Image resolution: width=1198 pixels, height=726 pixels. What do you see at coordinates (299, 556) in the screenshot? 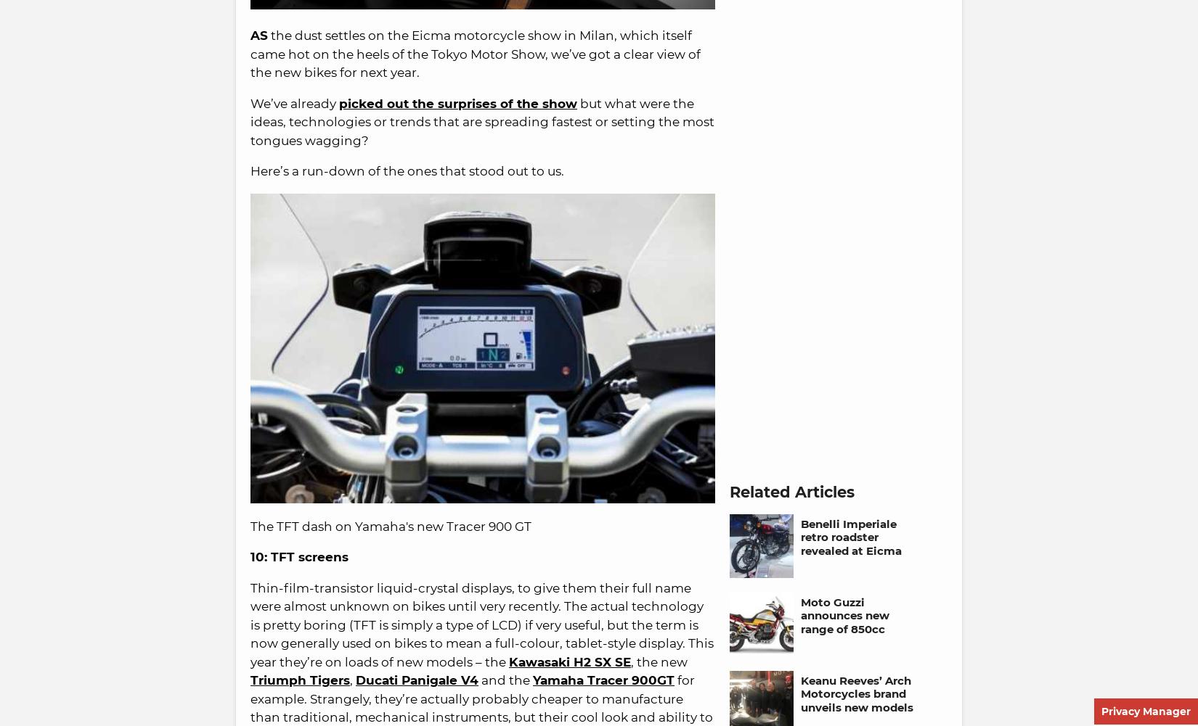
I see `'10: TFT screens'` at bounding box center [299, 556].